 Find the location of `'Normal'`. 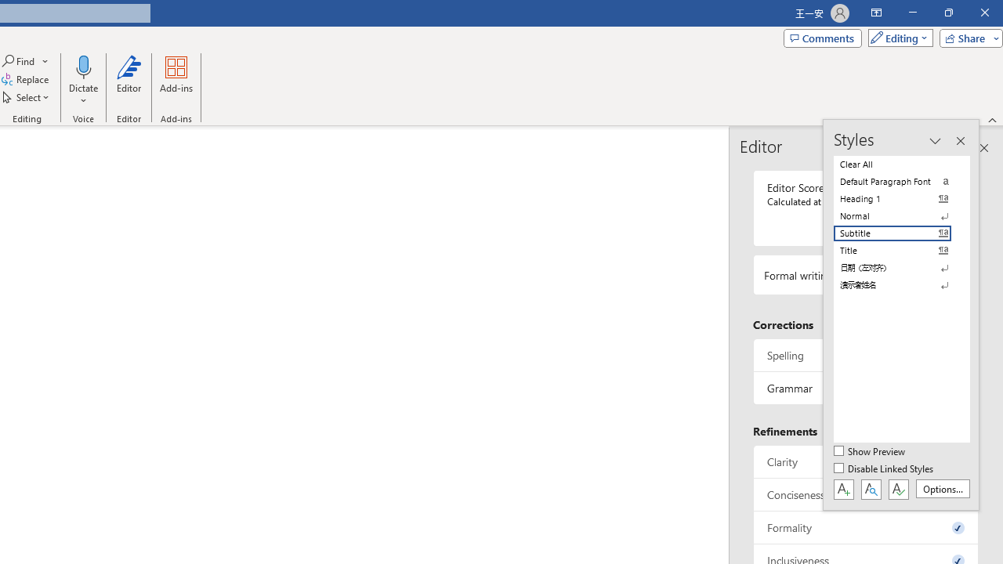

'Normal' is located at coordinates (901, 216).